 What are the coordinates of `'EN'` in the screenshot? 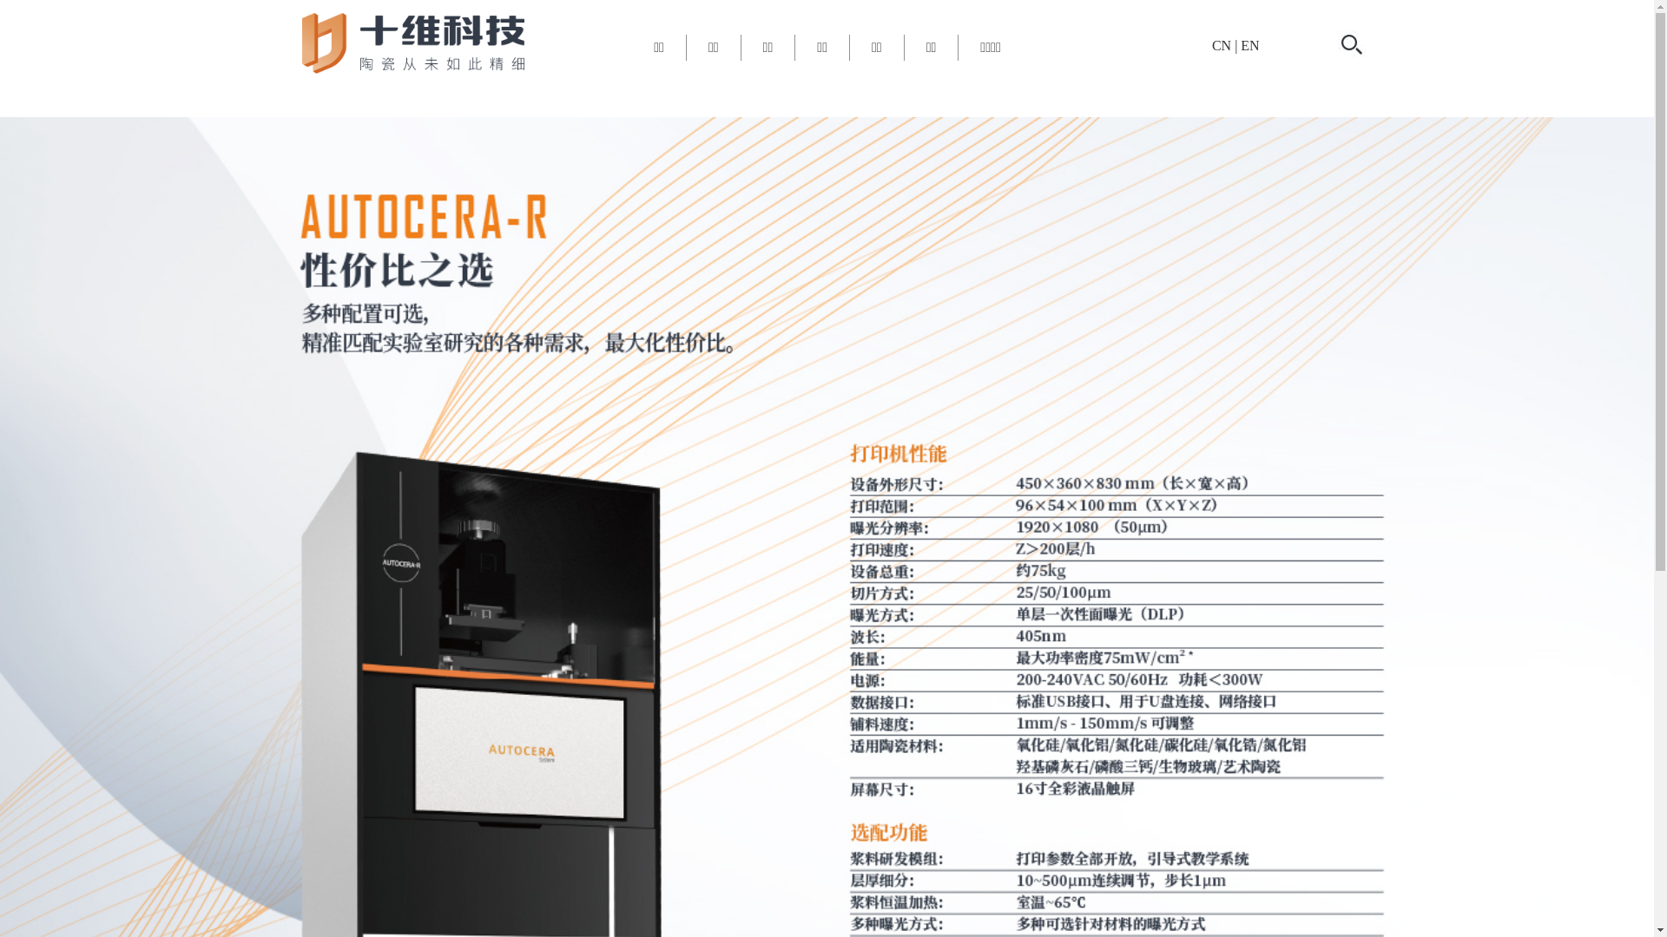 It's located at (1249, 44).